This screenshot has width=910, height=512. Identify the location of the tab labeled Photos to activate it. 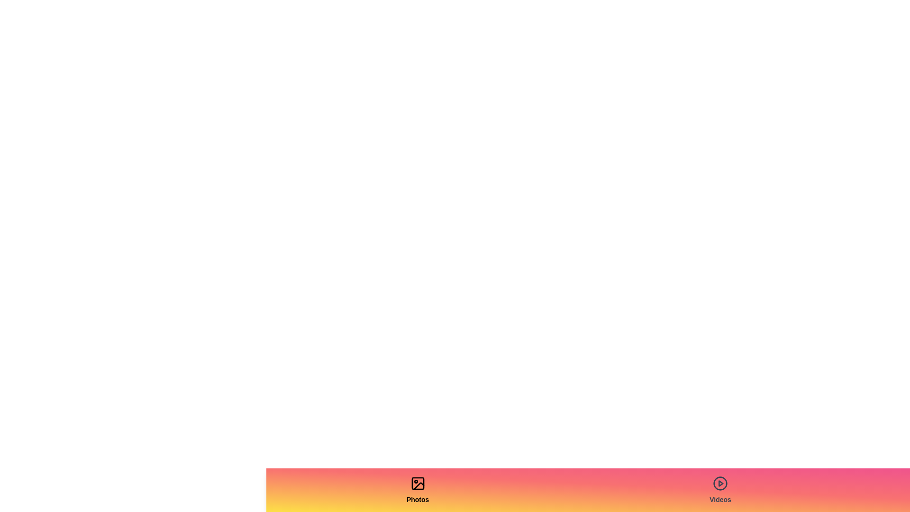
(417, 490).